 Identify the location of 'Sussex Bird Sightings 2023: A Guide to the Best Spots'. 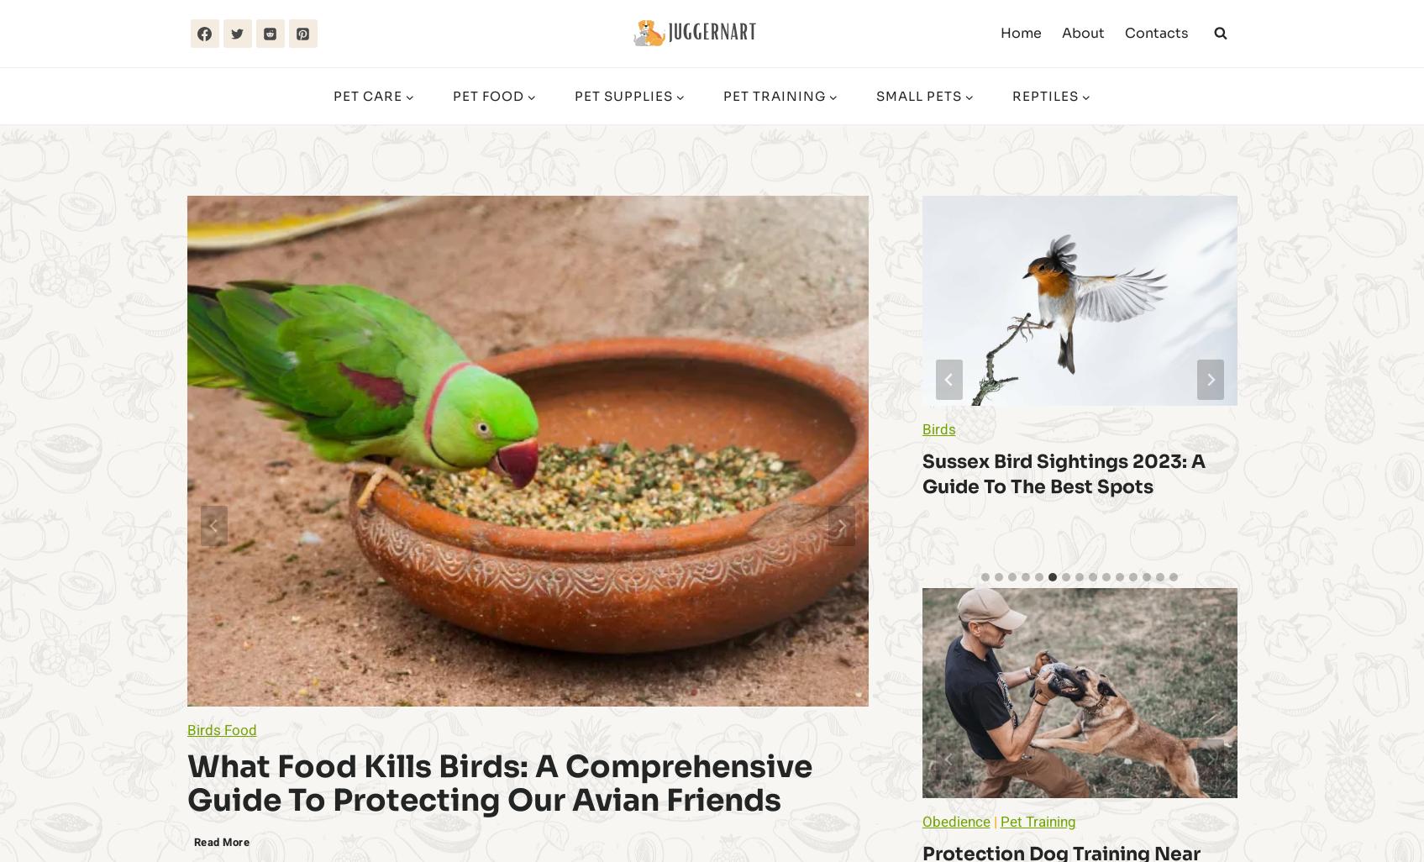
(1062, 474).